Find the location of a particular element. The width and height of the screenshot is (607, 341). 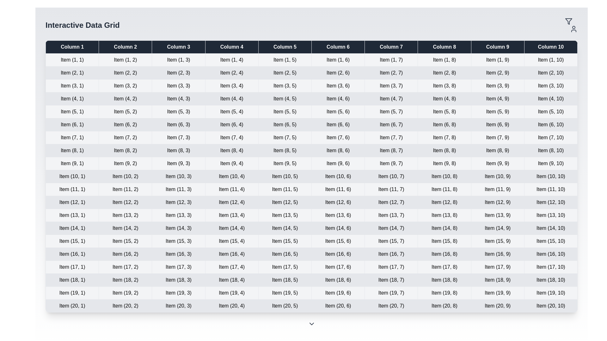

the filter icon to open the filter menu is located at coordinates (571, 25).